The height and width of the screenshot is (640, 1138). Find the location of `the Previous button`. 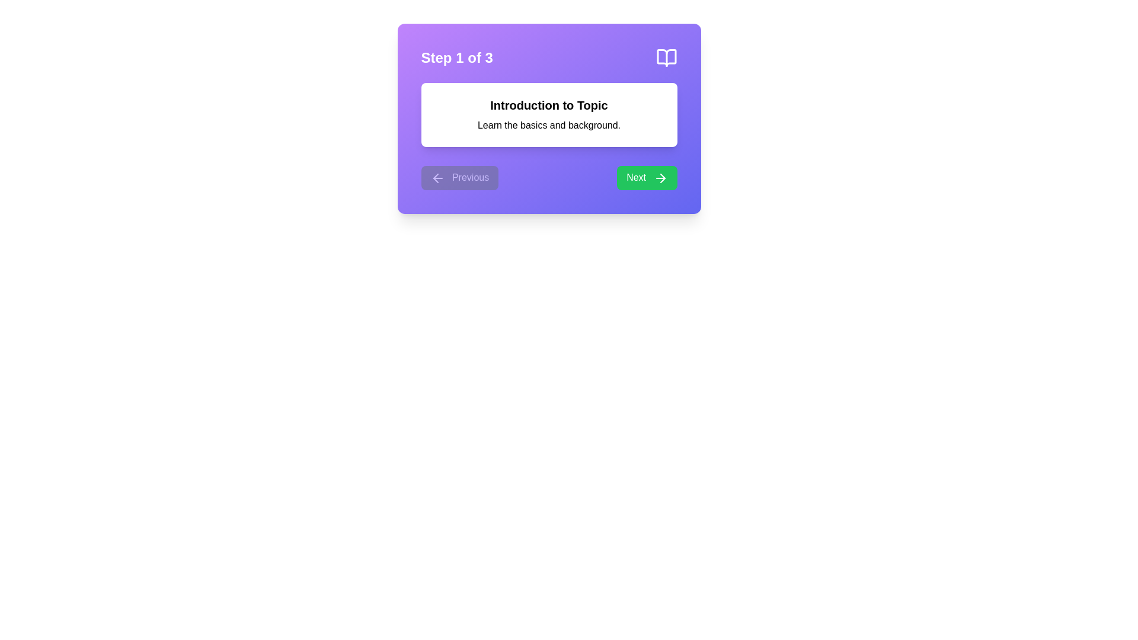

the Previous button is located at coordinates (459, 178).